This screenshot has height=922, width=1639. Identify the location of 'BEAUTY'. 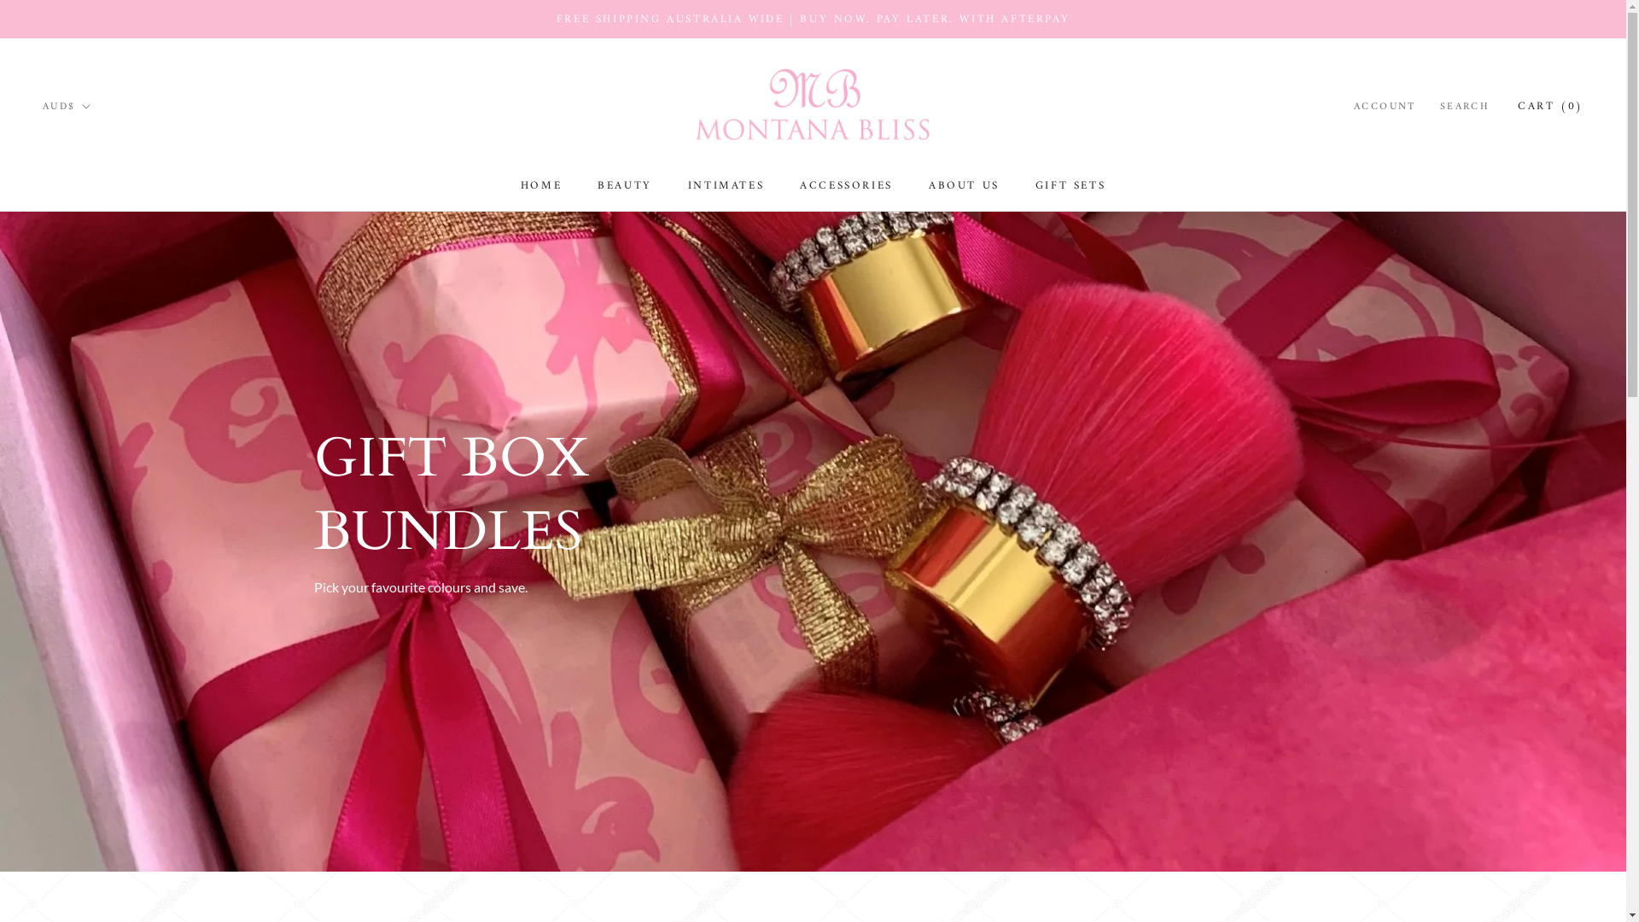
(623, 185).